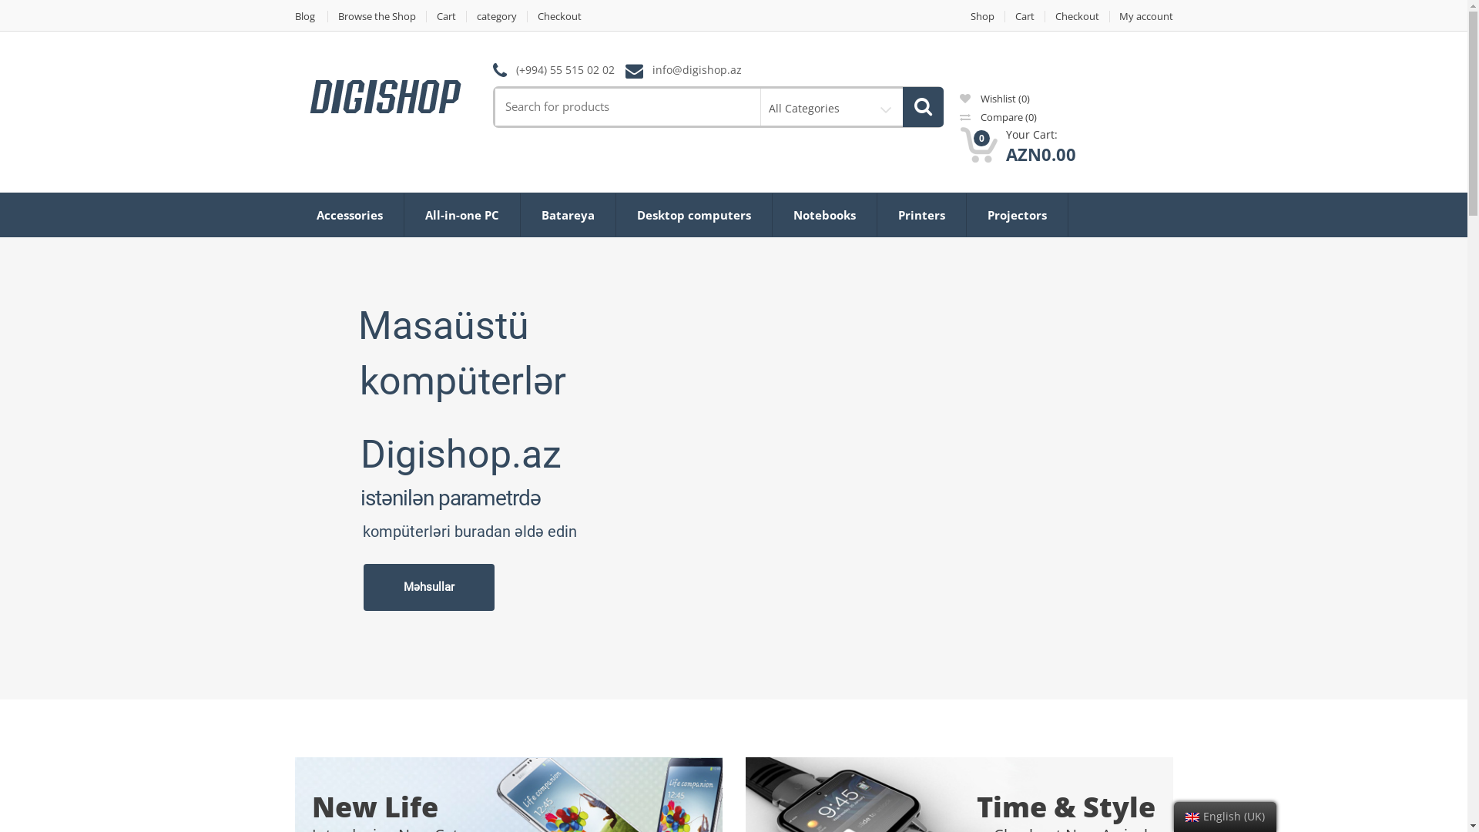  Describe the element at coordinates (558, 16) in the screenshot. I see `'Checkout'` at that location.